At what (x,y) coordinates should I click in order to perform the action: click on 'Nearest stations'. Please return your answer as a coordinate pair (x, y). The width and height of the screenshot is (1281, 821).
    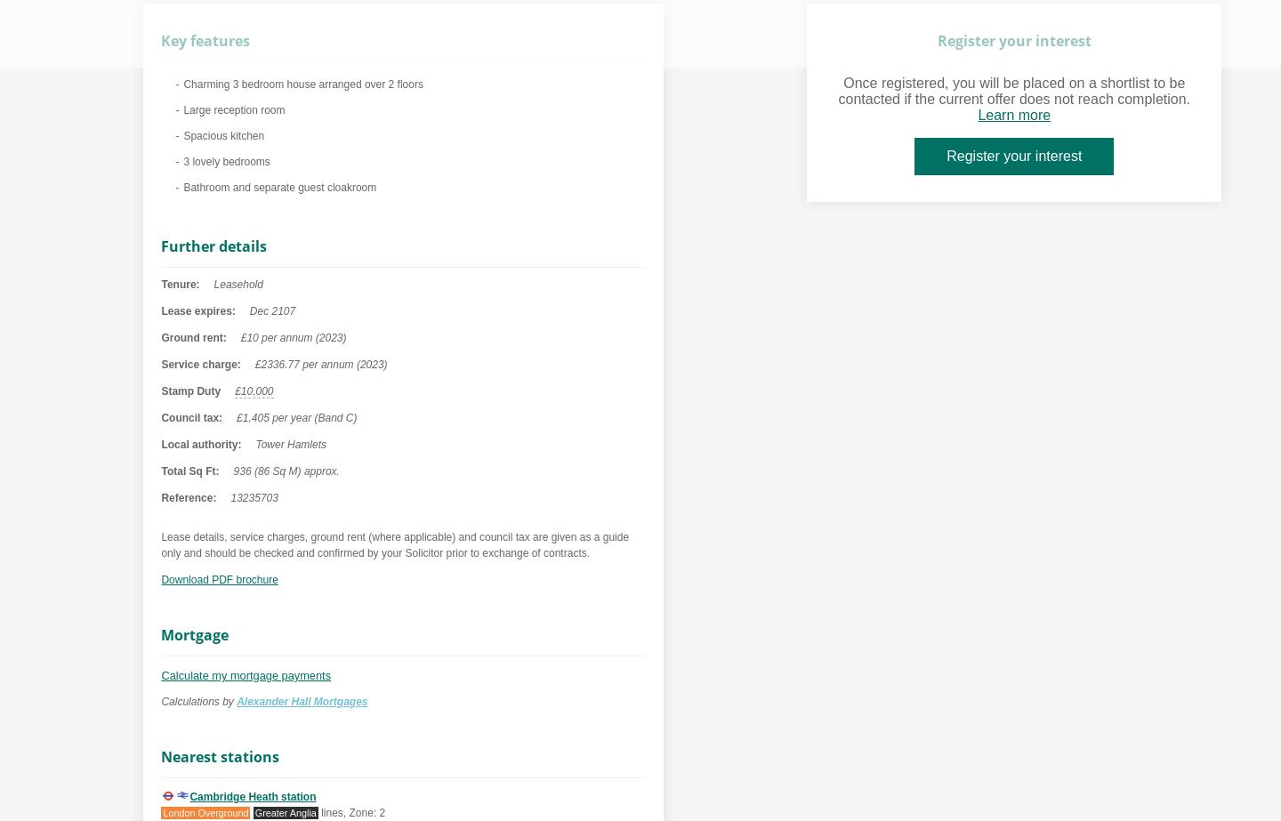
    Looking at the image, I should click on (161, 756).